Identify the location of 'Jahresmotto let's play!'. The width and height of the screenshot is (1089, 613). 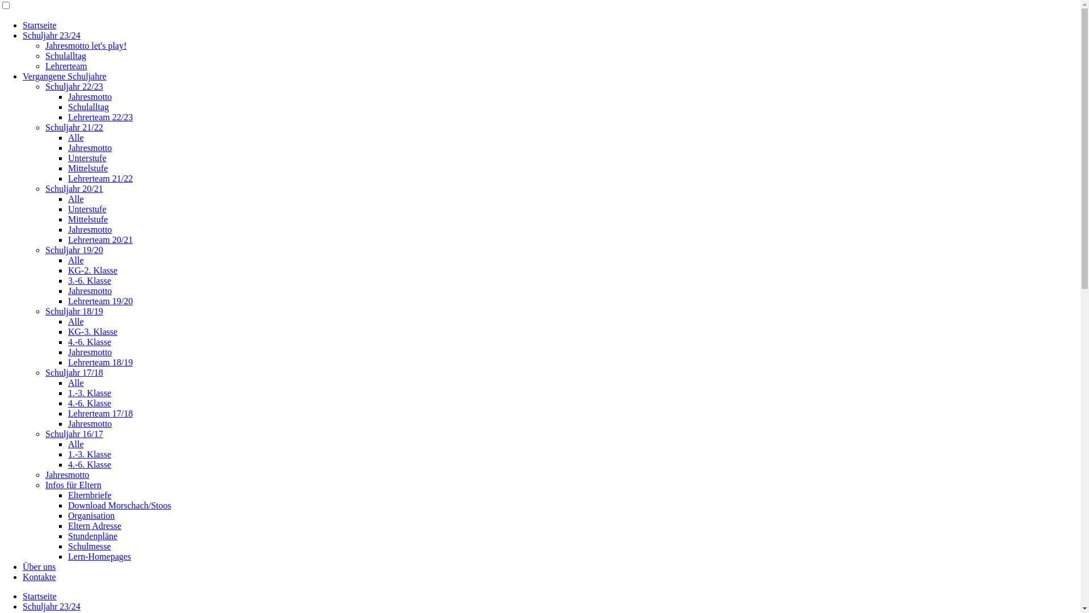
(45, 45).